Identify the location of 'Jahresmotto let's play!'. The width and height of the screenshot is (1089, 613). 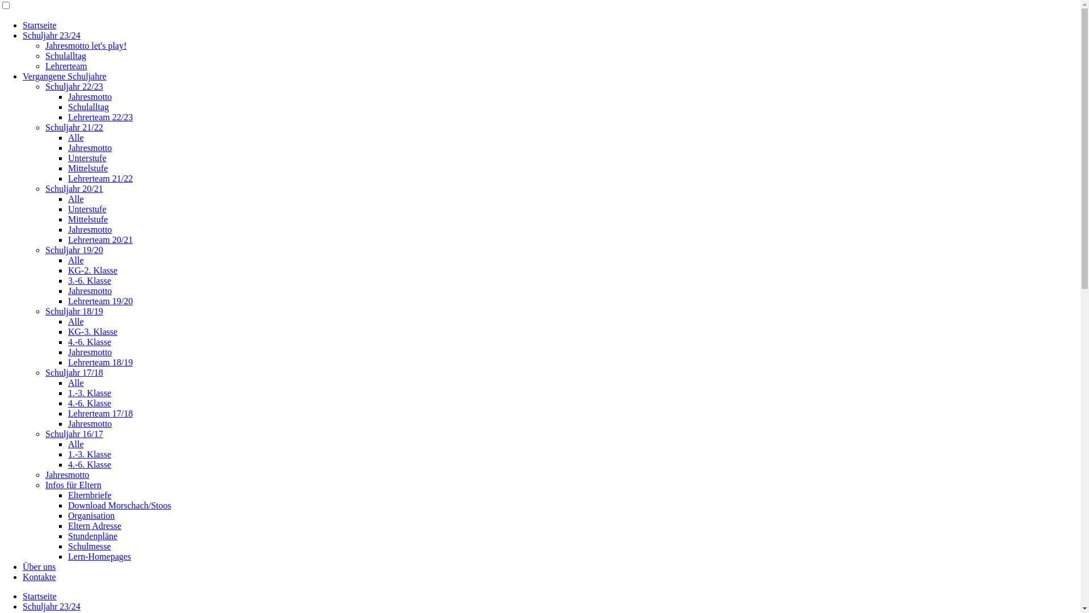
(45, 45).